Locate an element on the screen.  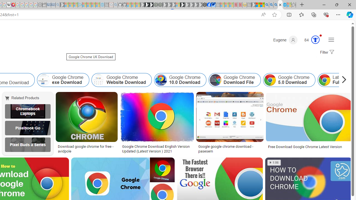
'Future Focus Report 2024 - Sleeping' is located at coordinates (160, 5).